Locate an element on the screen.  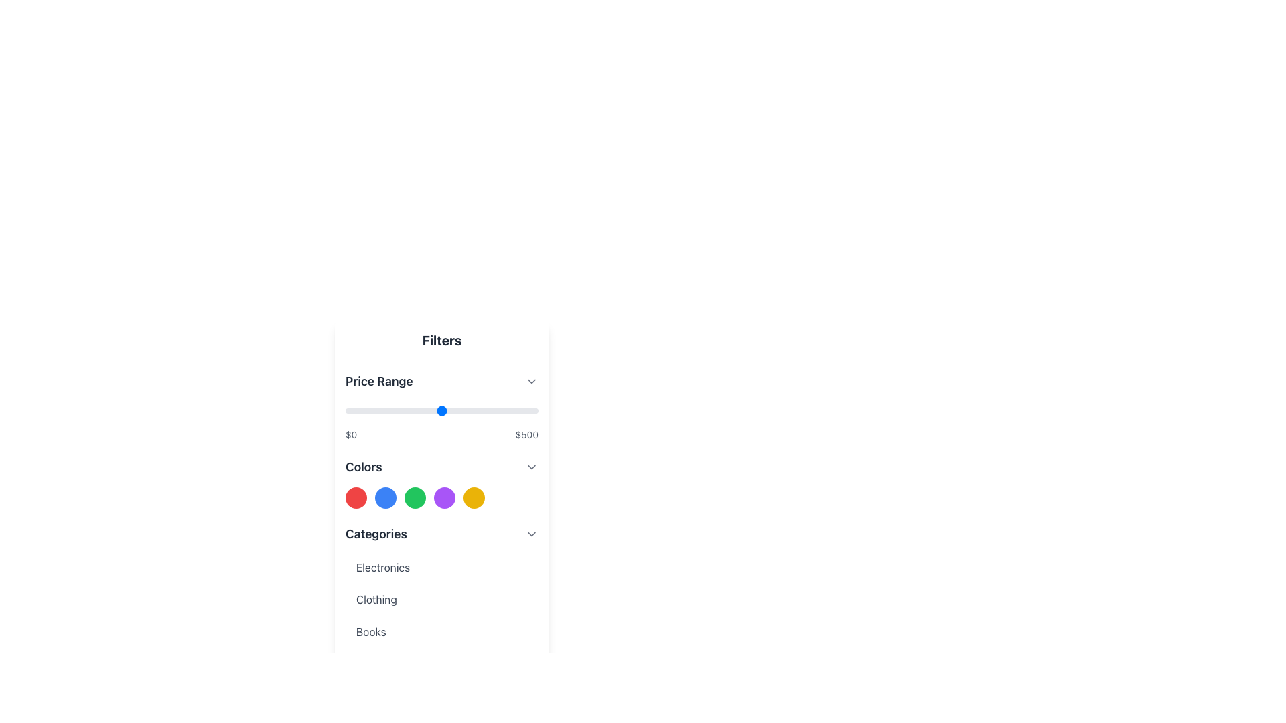
the price range is located at coordinates (423, 410).